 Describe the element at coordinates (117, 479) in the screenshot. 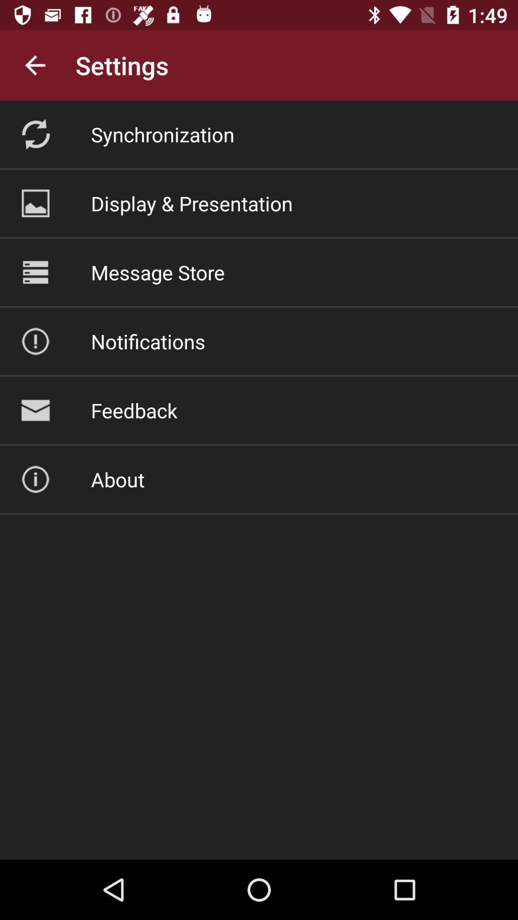

I see `icon below the feedback item` at that location.